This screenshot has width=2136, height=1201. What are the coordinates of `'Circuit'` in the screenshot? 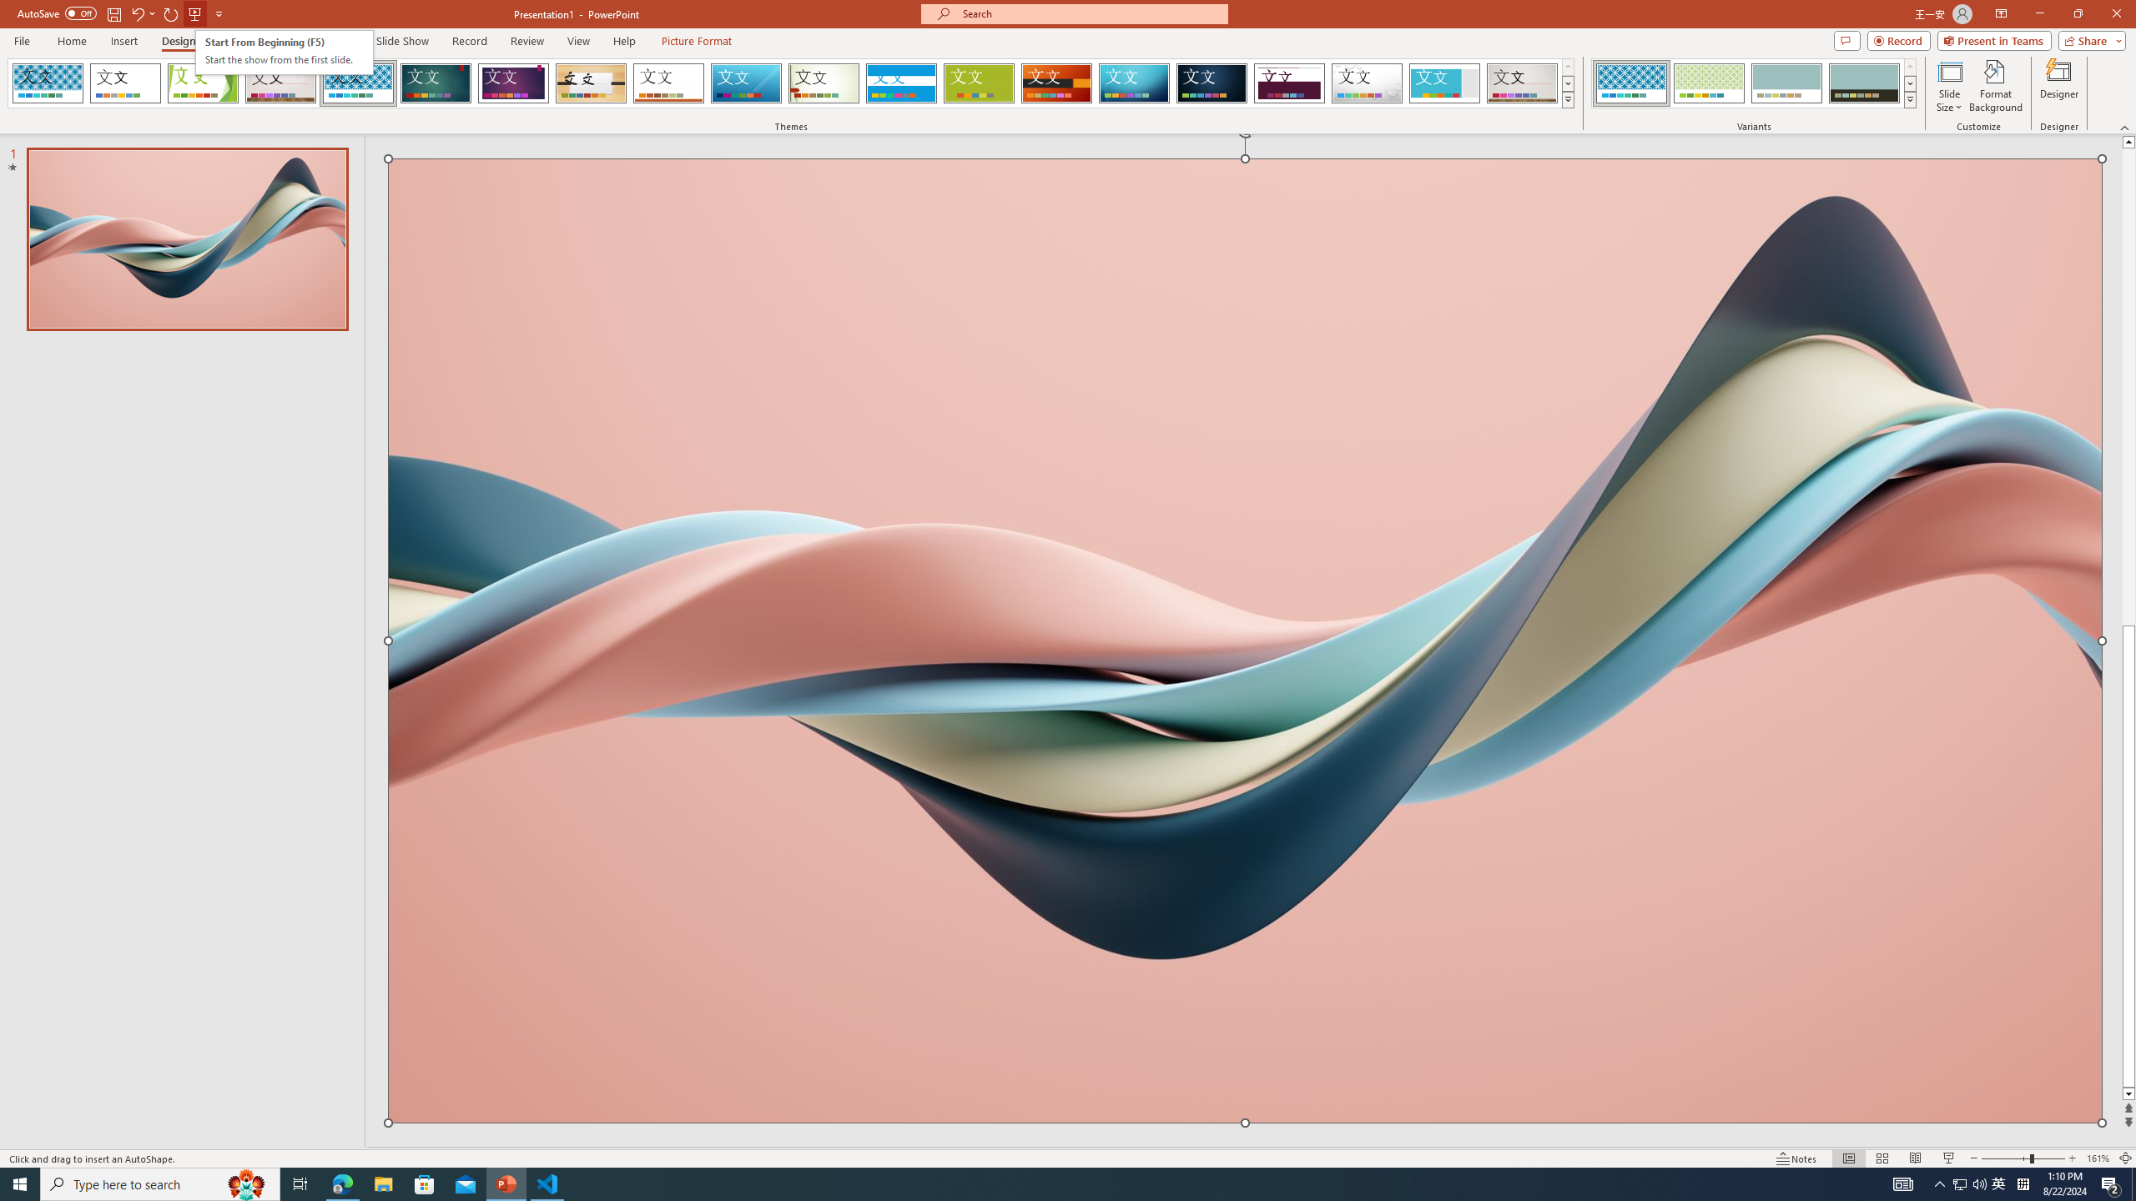 It's located at (1133, 83).